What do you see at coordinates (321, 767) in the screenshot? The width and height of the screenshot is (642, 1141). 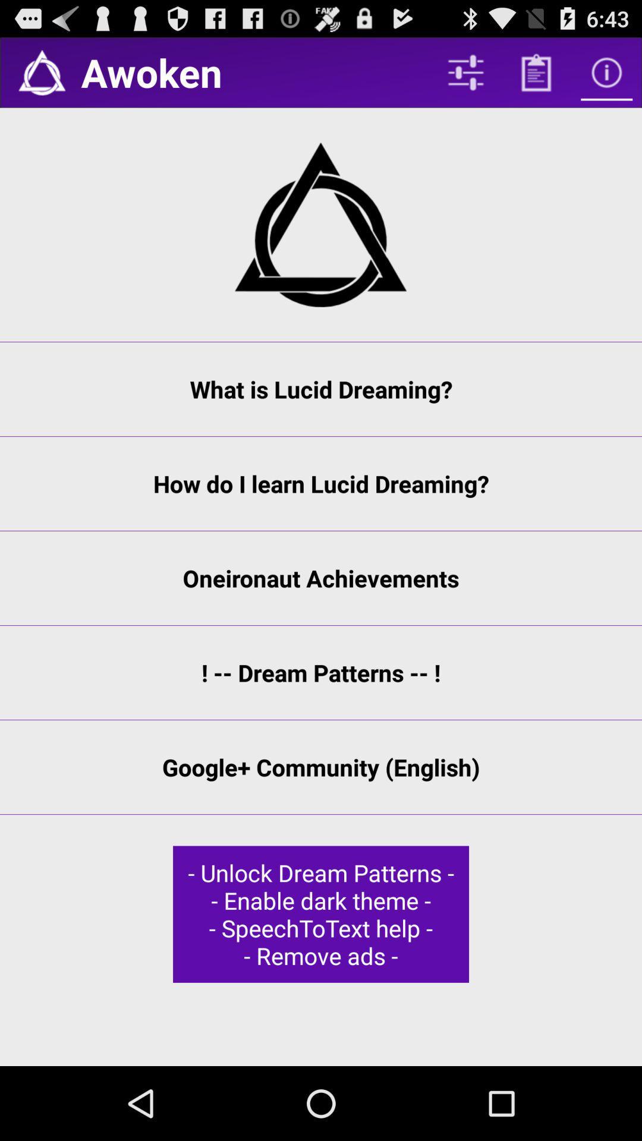 I see `google+ community (english)` at bounding box center [321, 767].